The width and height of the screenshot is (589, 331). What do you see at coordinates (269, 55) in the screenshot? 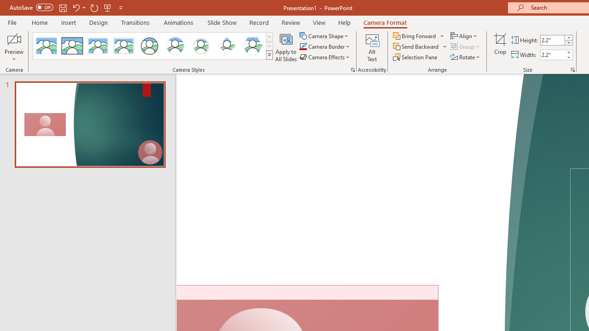
I see `'Camera Styles'` at bounding box center [269, 55].